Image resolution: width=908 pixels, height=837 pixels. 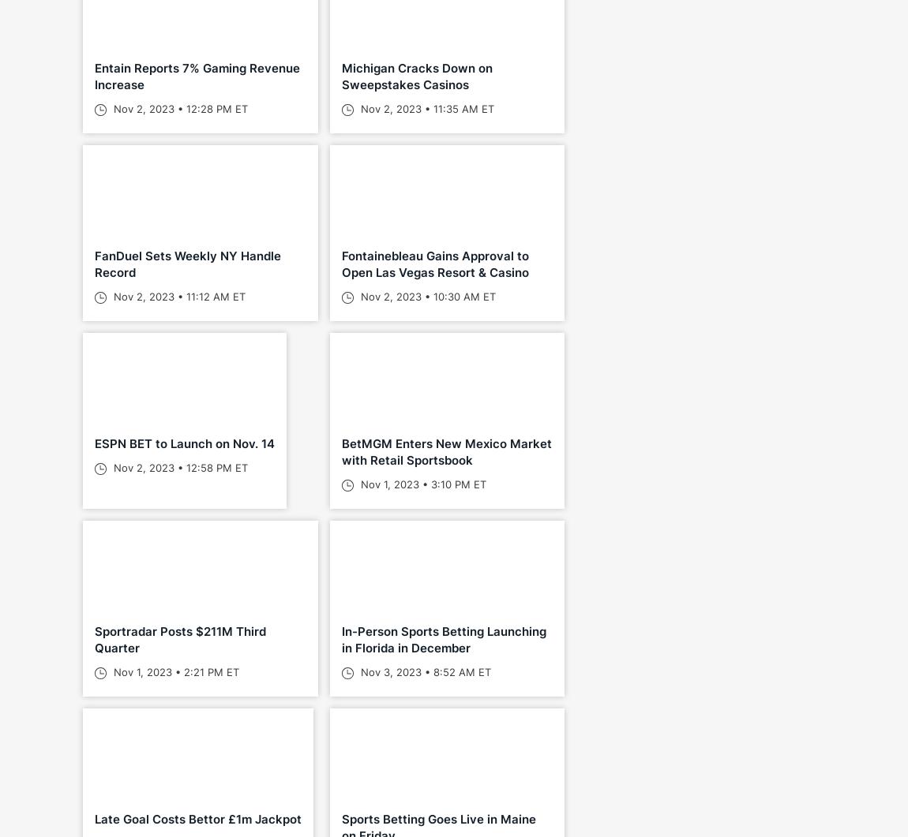 What do you see at coordinates (341, 640) in the screenshot?
I see `'In-Person Sports Betting Launching in Florida in December'` at bounding box center [341, 640].